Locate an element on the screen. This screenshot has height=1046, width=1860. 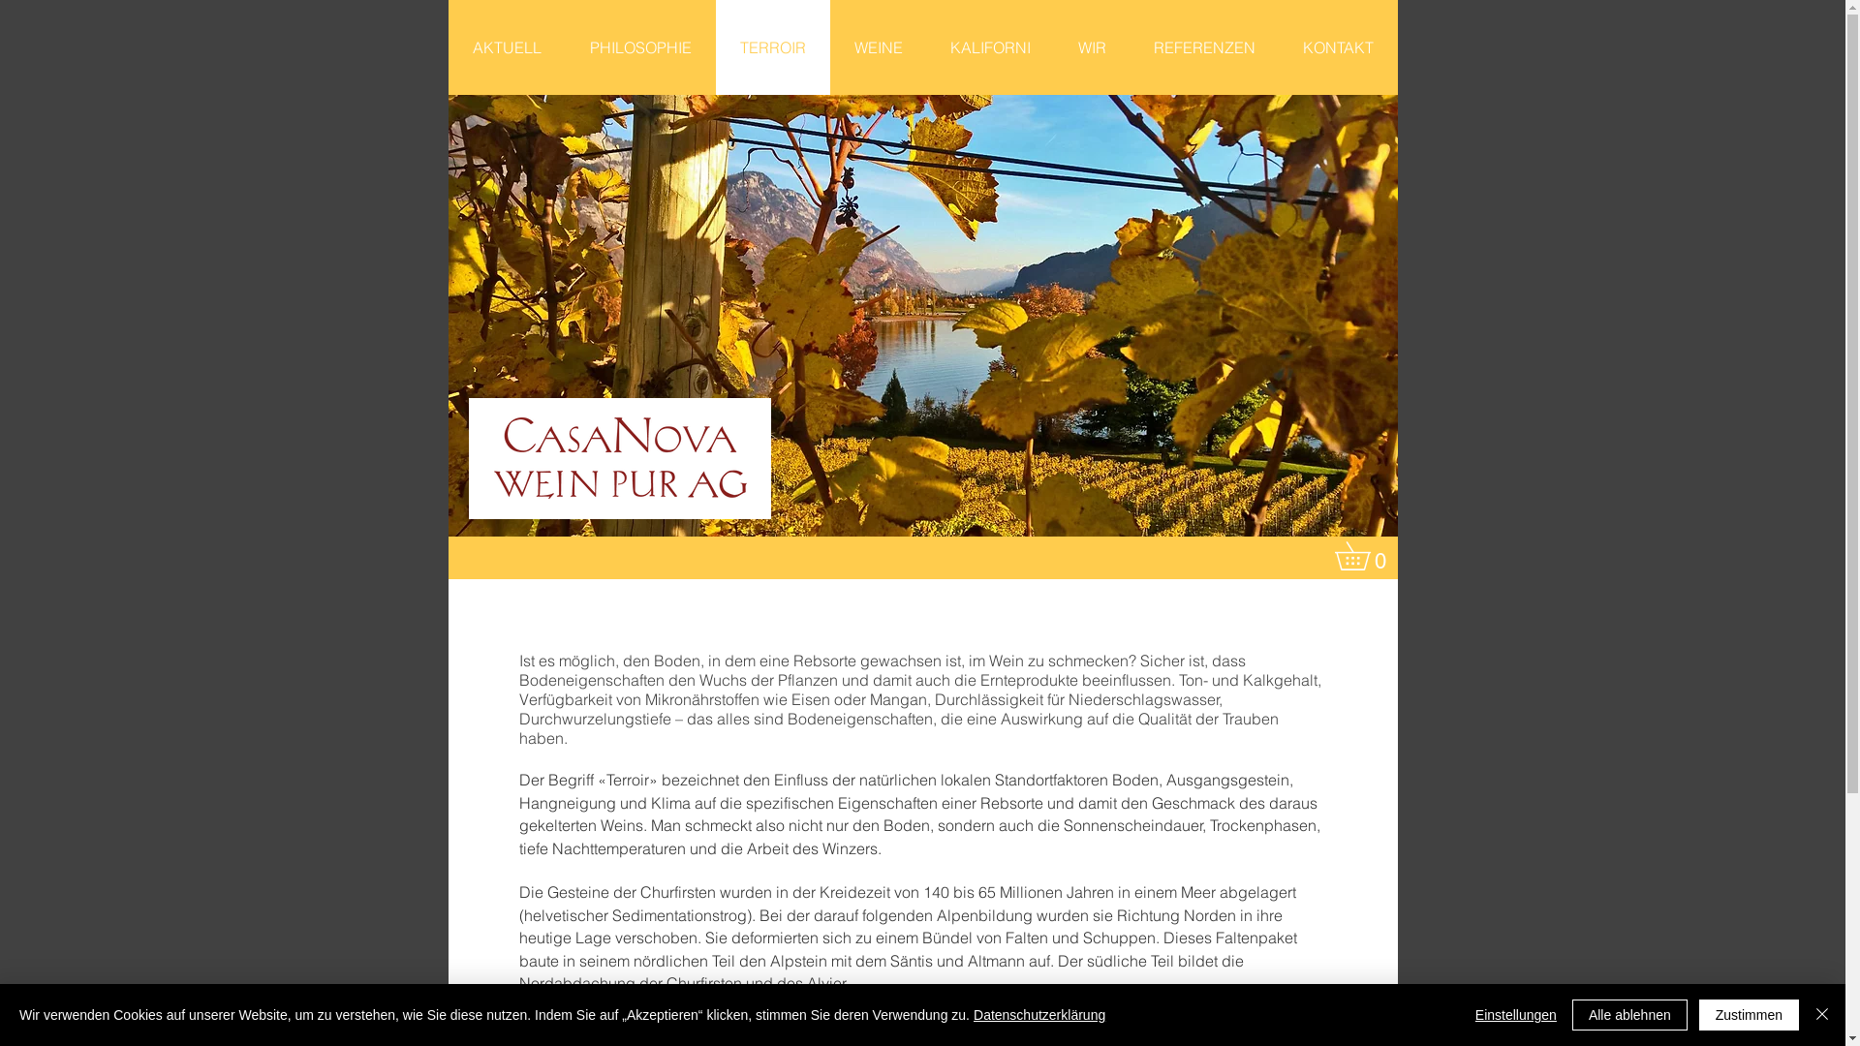
'0' is located at coordinates (1365, 556).